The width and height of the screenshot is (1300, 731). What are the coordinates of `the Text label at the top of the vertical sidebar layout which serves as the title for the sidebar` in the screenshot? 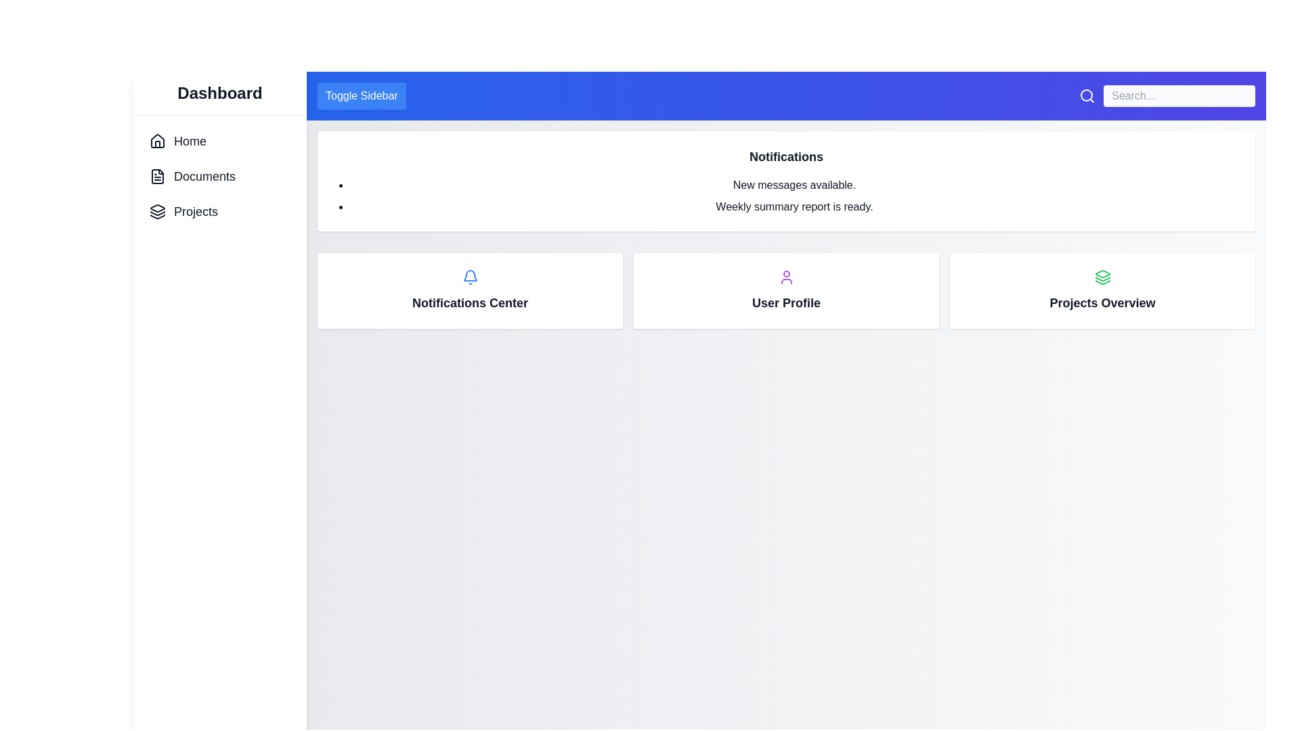 It's located at (220, 93).